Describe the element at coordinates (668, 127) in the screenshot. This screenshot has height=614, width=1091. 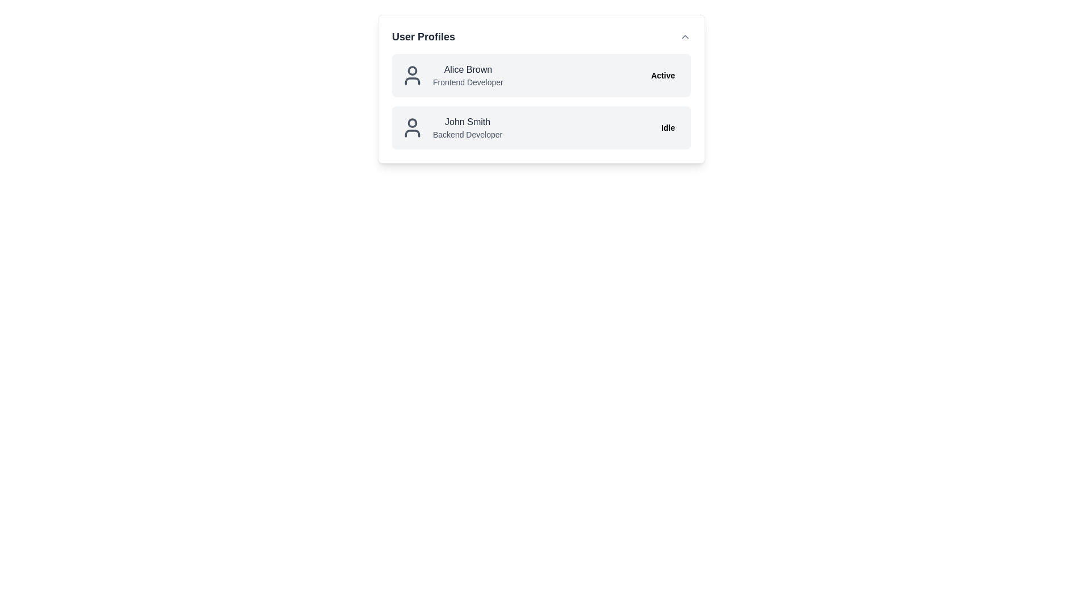
I see `status indicator badge for 'John Smith', which displays 'Idle' in bold with a yellow background` at that location.